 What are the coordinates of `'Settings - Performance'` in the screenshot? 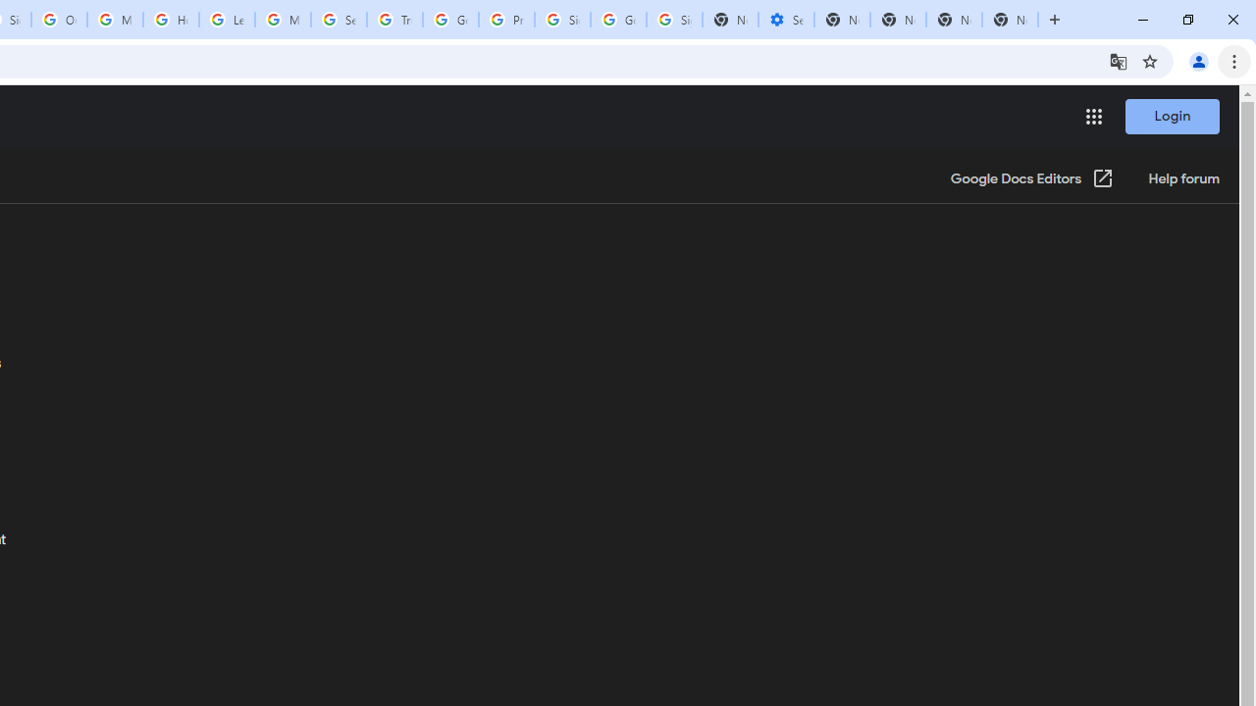 It's located at (786, 20).